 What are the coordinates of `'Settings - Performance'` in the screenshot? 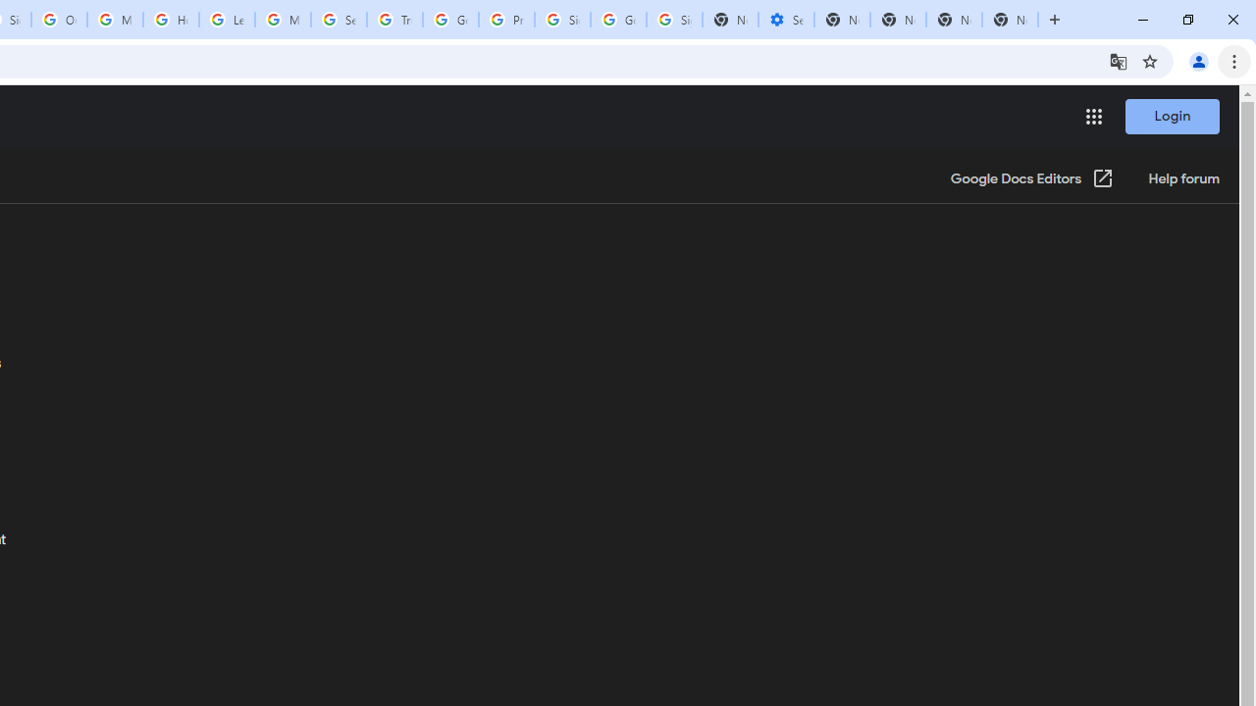 It's located at (786, 20).